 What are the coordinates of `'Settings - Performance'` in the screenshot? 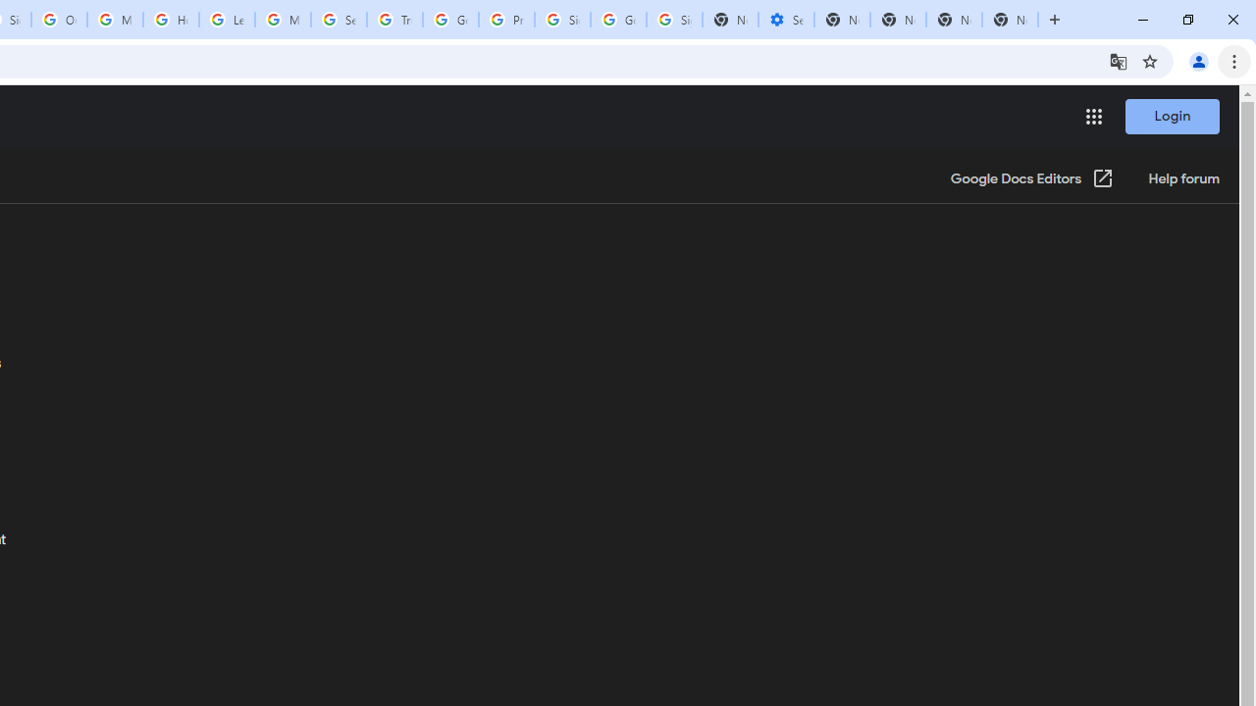 It's located at (786, 20).